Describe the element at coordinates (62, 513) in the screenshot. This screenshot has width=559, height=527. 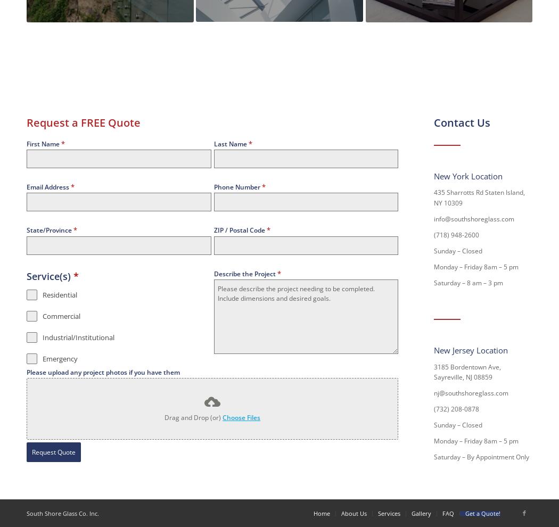
I see `'South Shore Glass Co. Inc.'` at that location.